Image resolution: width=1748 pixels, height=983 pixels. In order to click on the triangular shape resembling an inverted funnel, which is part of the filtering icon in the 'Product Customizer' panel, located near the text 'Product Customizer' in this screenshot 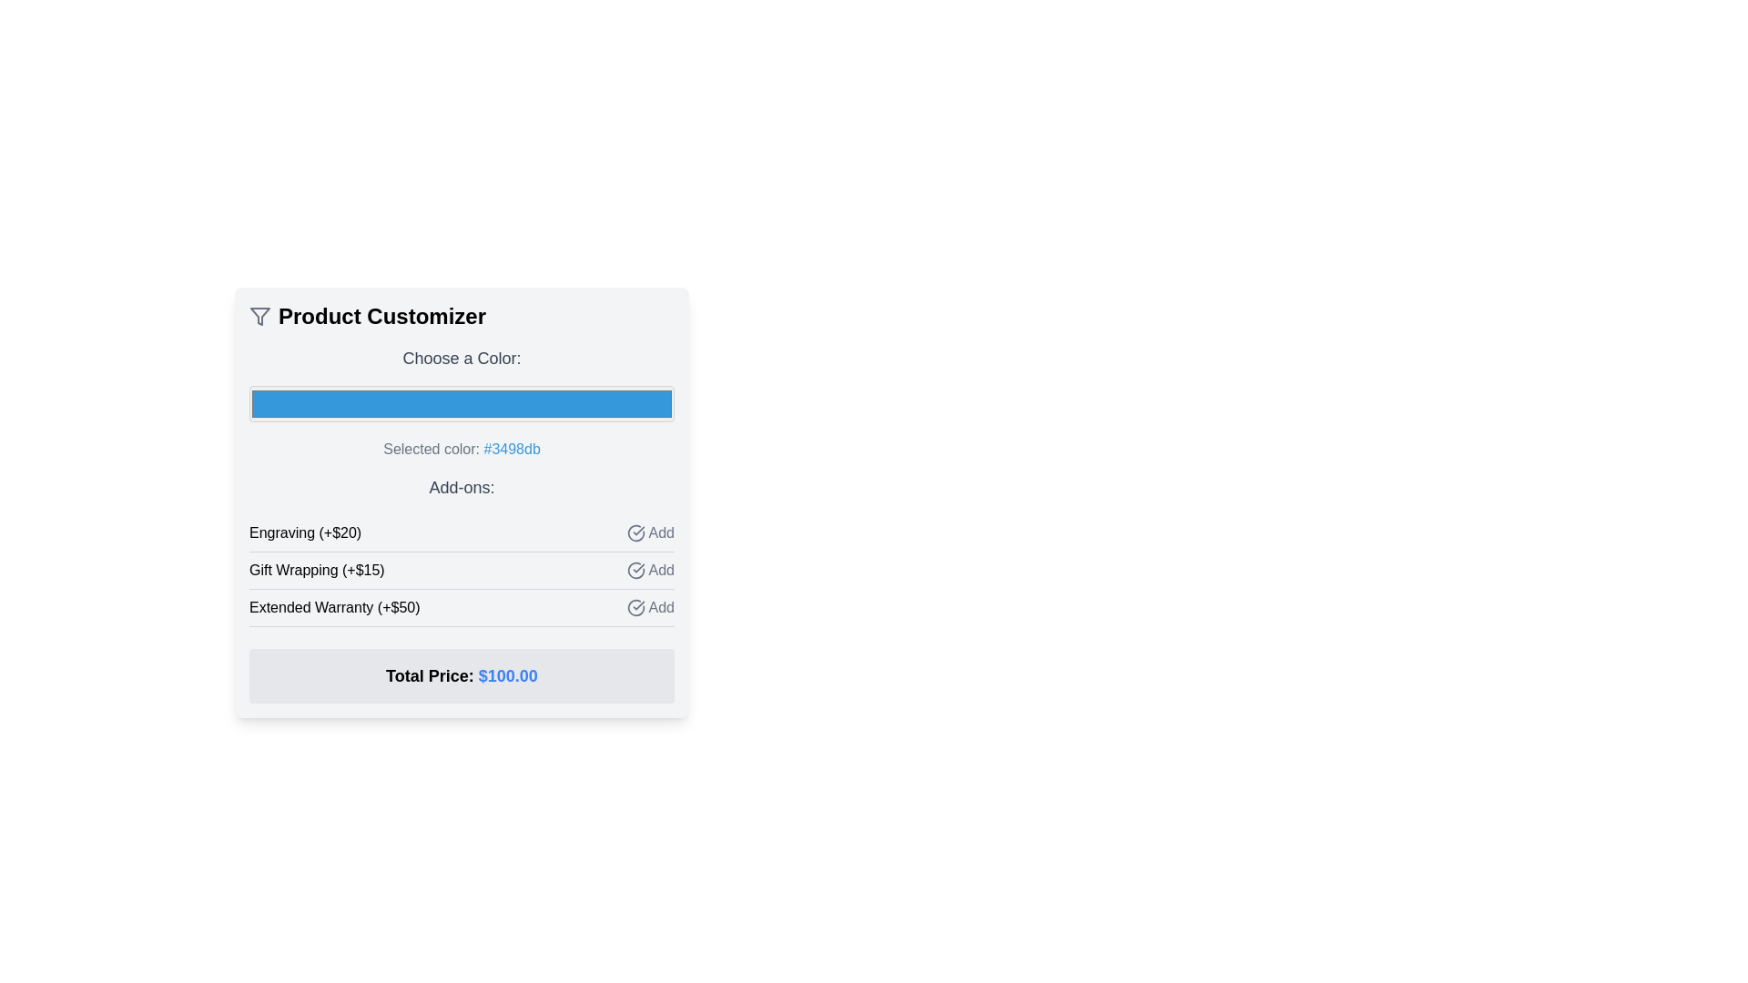, I will do `click(259, 315)`.